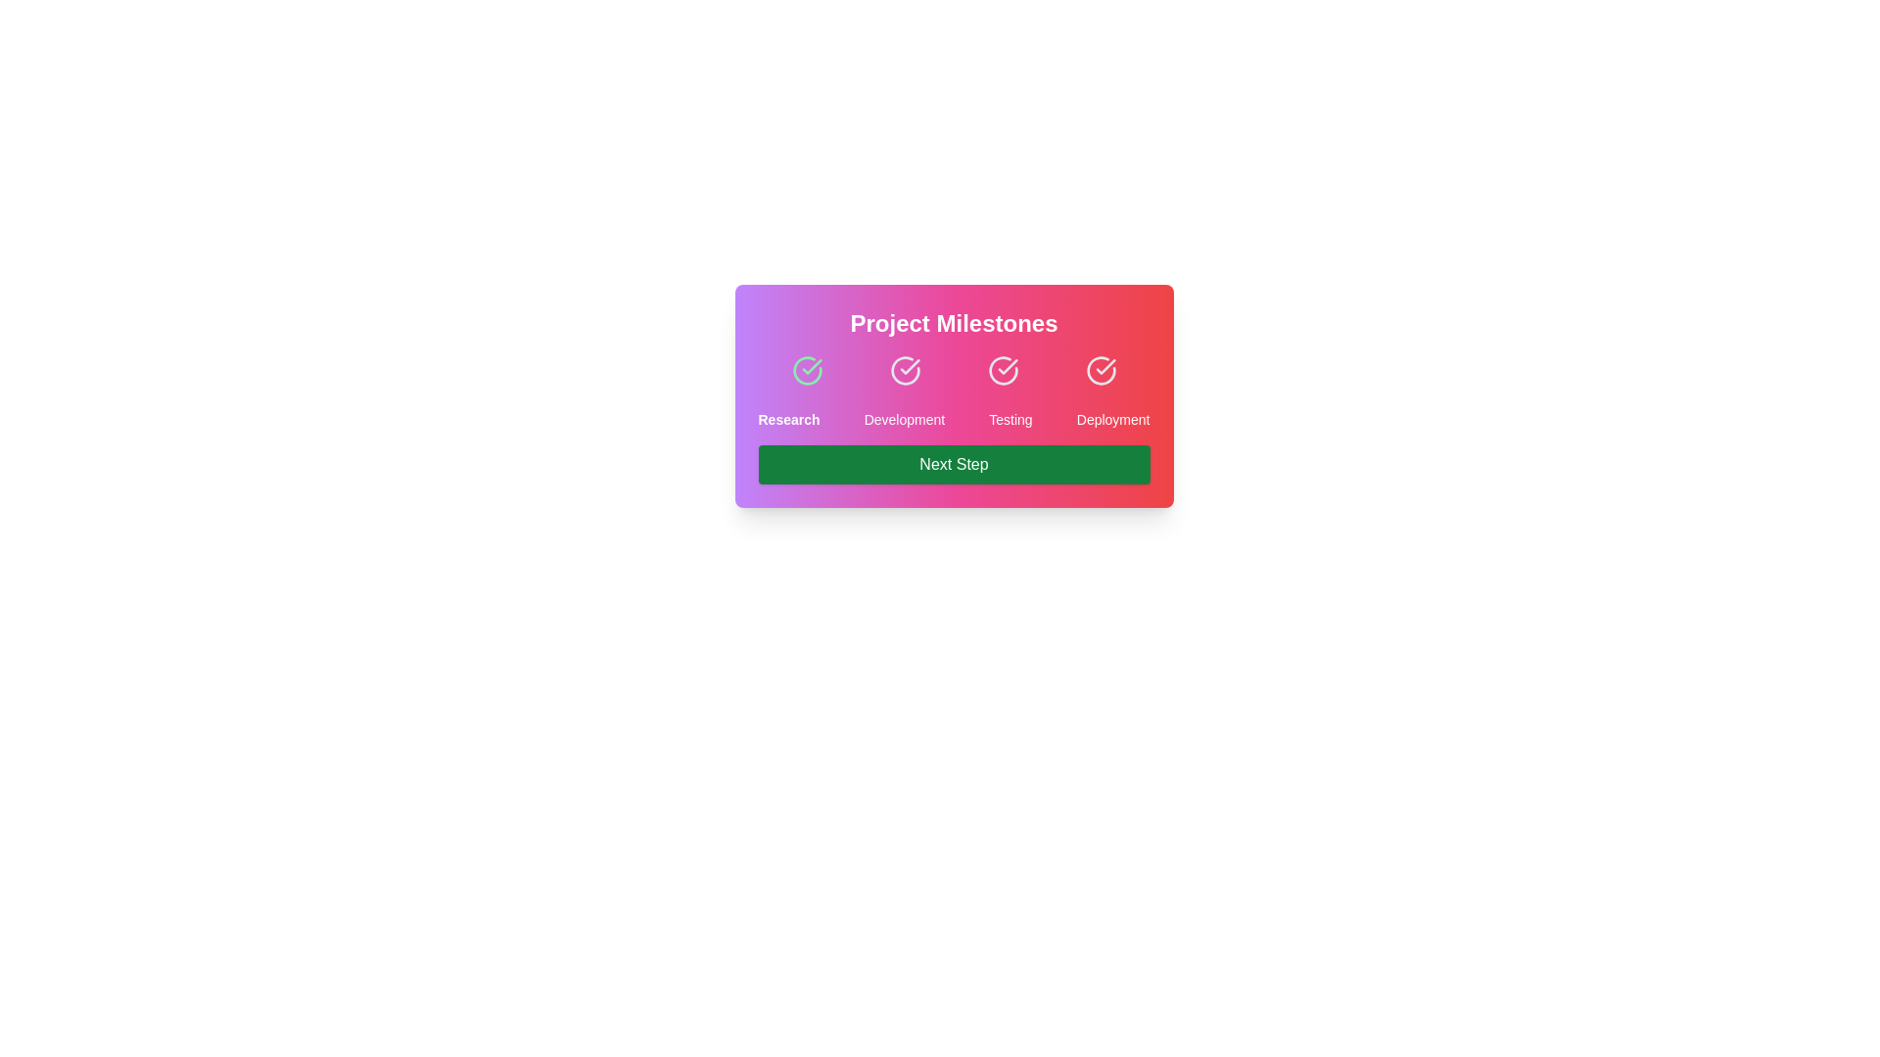 The image size is (1880, 1057). What do you see at coordinates (789, 418) in the screenshot?
I see `text of the 'Research' phase label, which is the first item in the Project Milestones section` at bounding box center [789, 418].